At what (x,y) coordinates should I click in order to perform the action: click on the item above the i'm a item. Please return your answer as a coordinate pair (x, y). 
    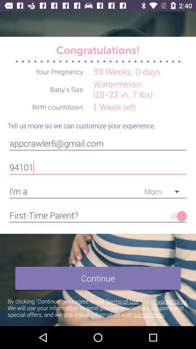
    Looking at the image, I should click on (98, 167).